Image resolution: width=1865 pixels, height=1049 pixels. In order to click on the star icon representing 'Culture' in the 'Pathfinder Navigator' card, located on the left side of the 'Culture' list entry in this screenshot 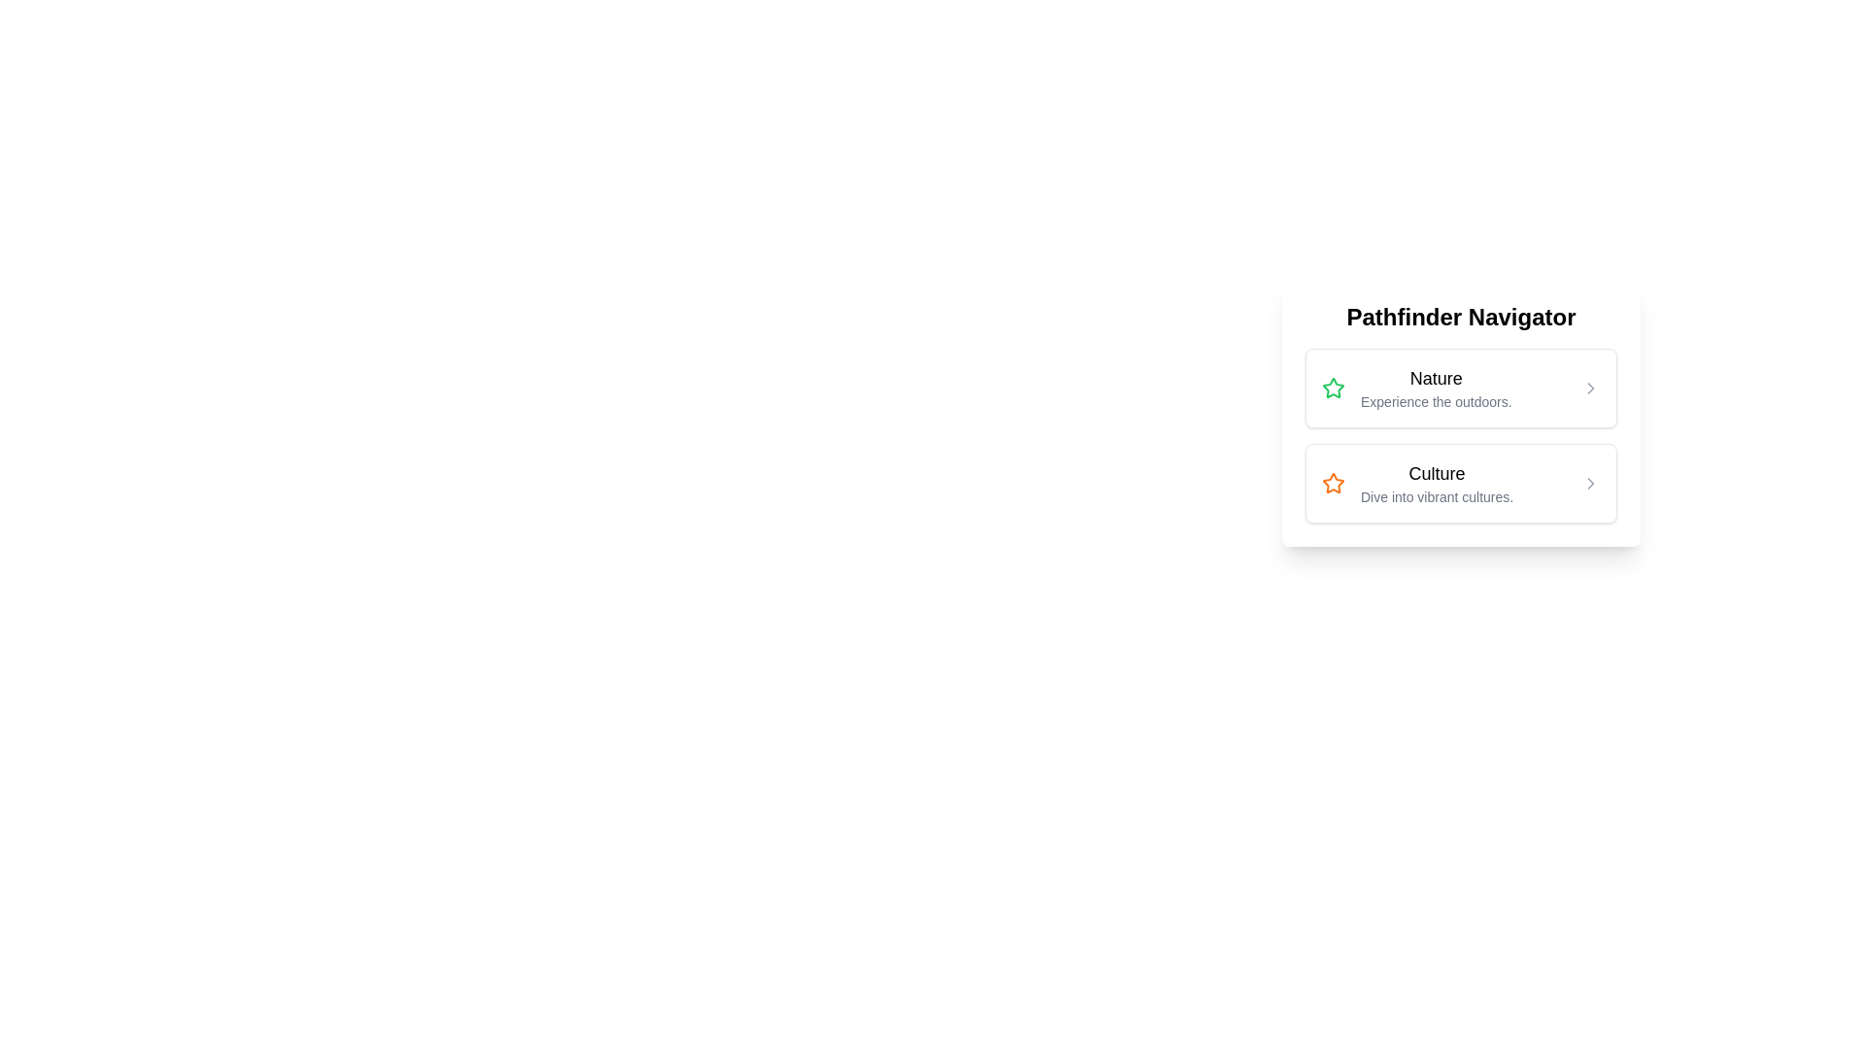, I will do `click(1332, 482)`.